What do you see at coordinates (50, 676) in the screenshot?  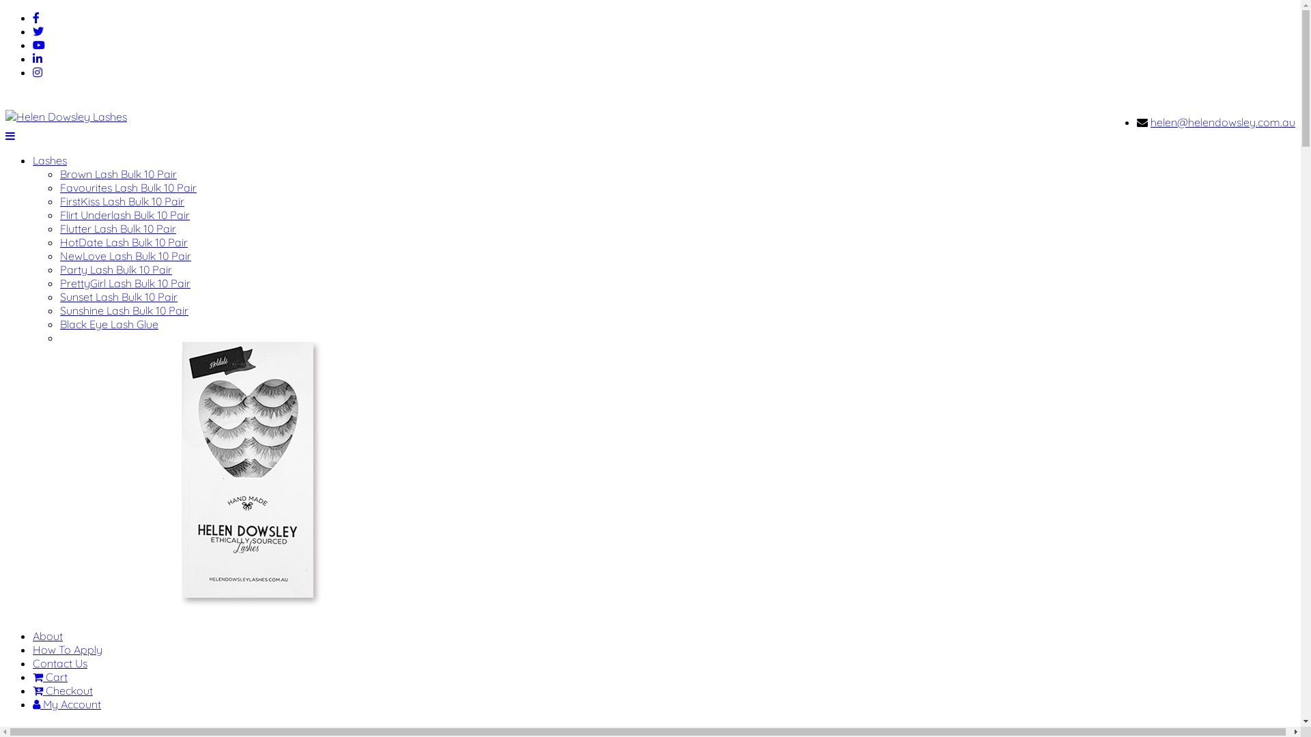 I see `'Cart'` at bounding box center [50, 676].